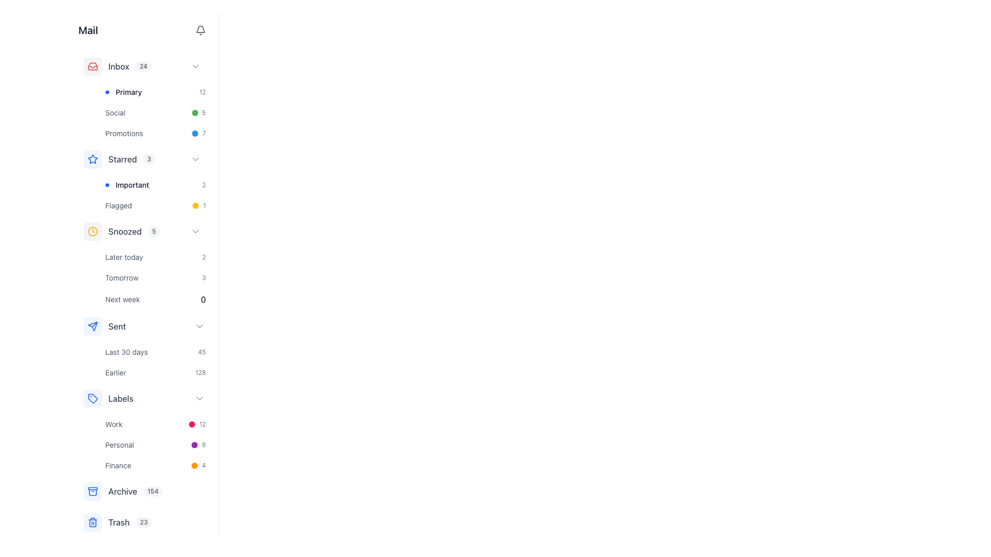 Image resolution: width=991 pixels, height=557 pixels. I want to click on the first clickable list item in the 'Labels' section of the sidebar, which represents the 'Work' category for filtering emails, so click(155, 424).